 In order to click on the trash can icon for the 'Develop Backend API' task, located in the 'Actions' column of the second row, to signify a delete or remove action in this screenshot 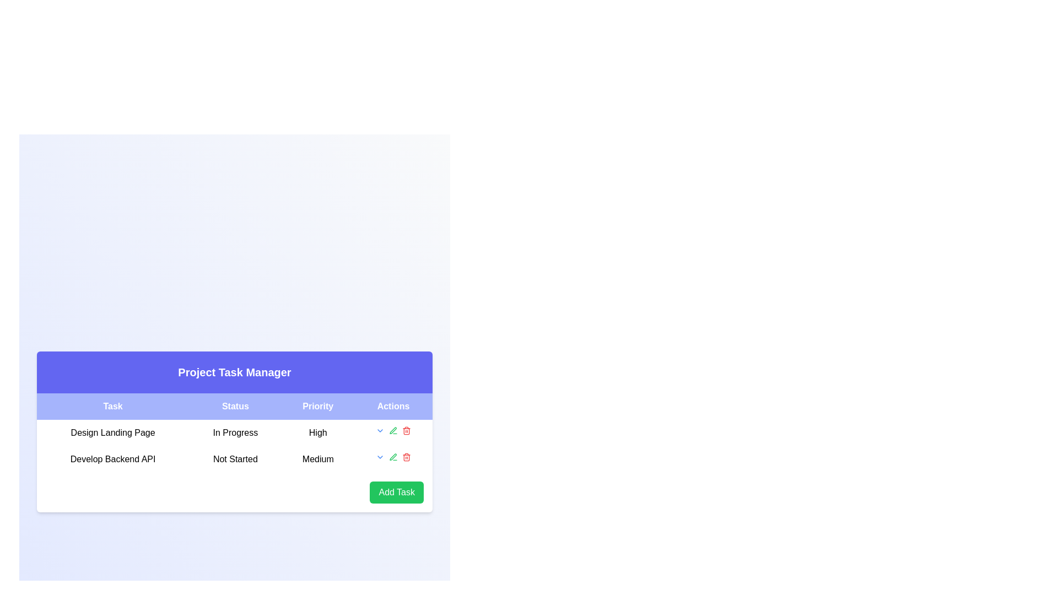, I will do `click(406, 431)`.